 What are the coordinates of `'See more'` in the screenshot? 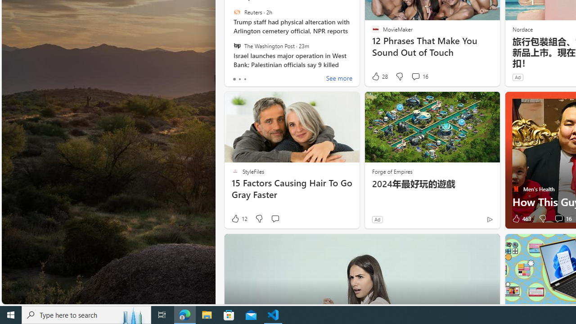 It's located at (338, 79).